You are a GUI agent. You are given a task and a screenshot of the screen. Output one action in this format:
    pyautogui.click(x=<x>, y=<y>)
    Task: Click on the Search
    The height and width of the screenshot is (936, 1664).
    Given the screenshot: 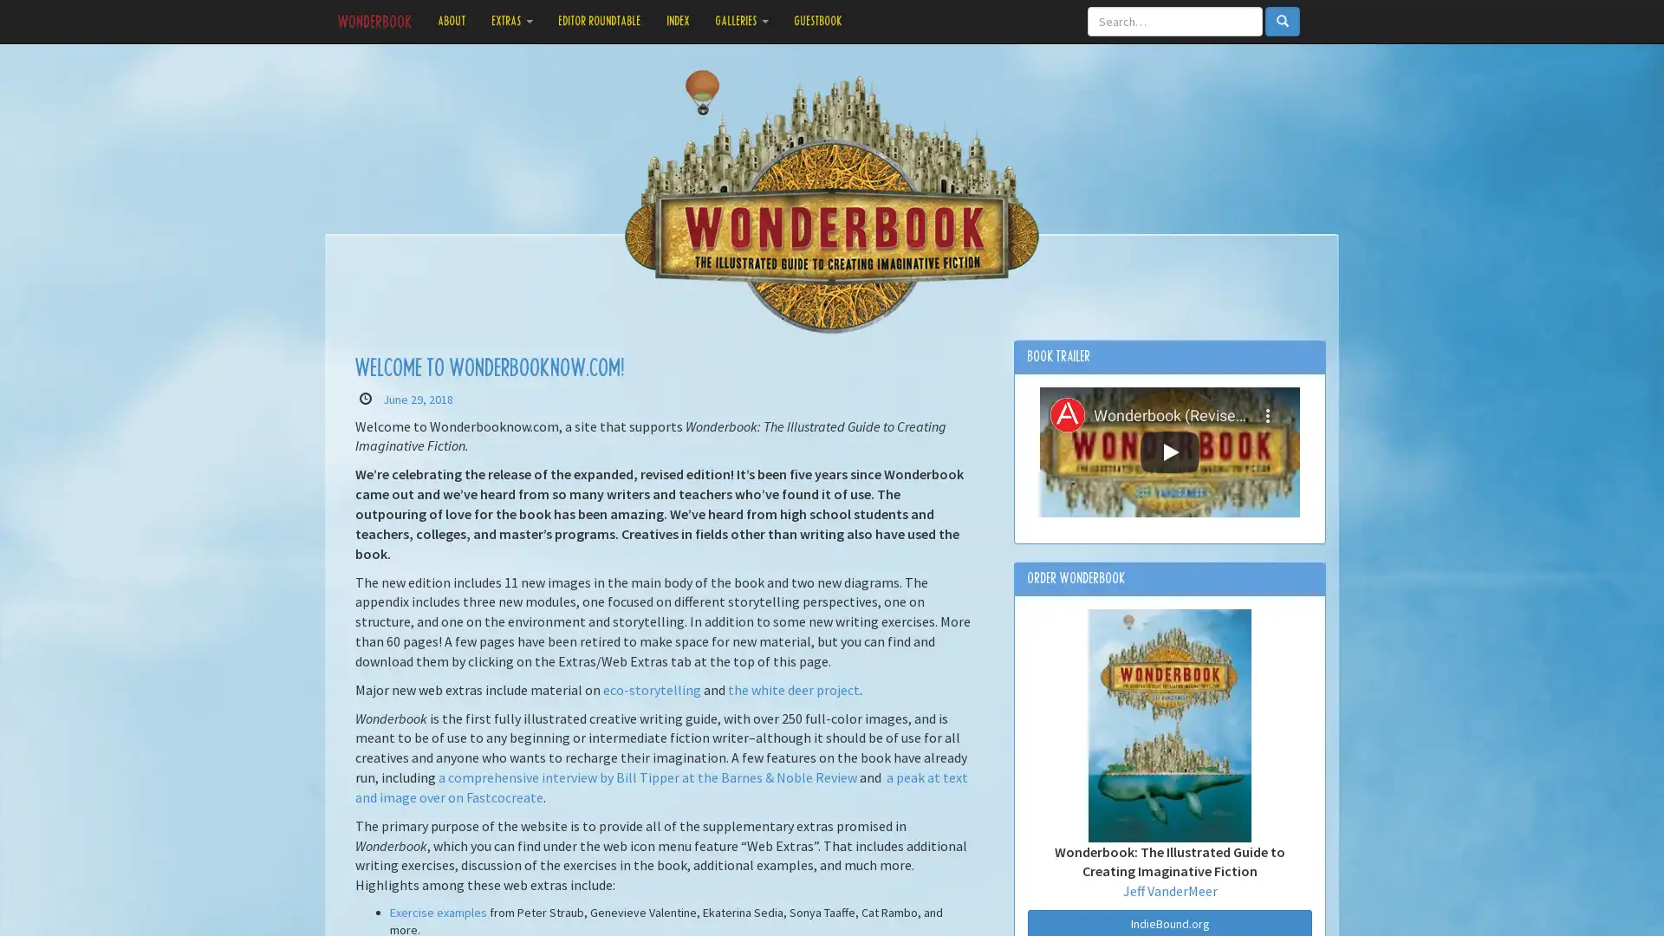 What is the action you would take?
    pyautogui.click(x=1282, y=21)
    